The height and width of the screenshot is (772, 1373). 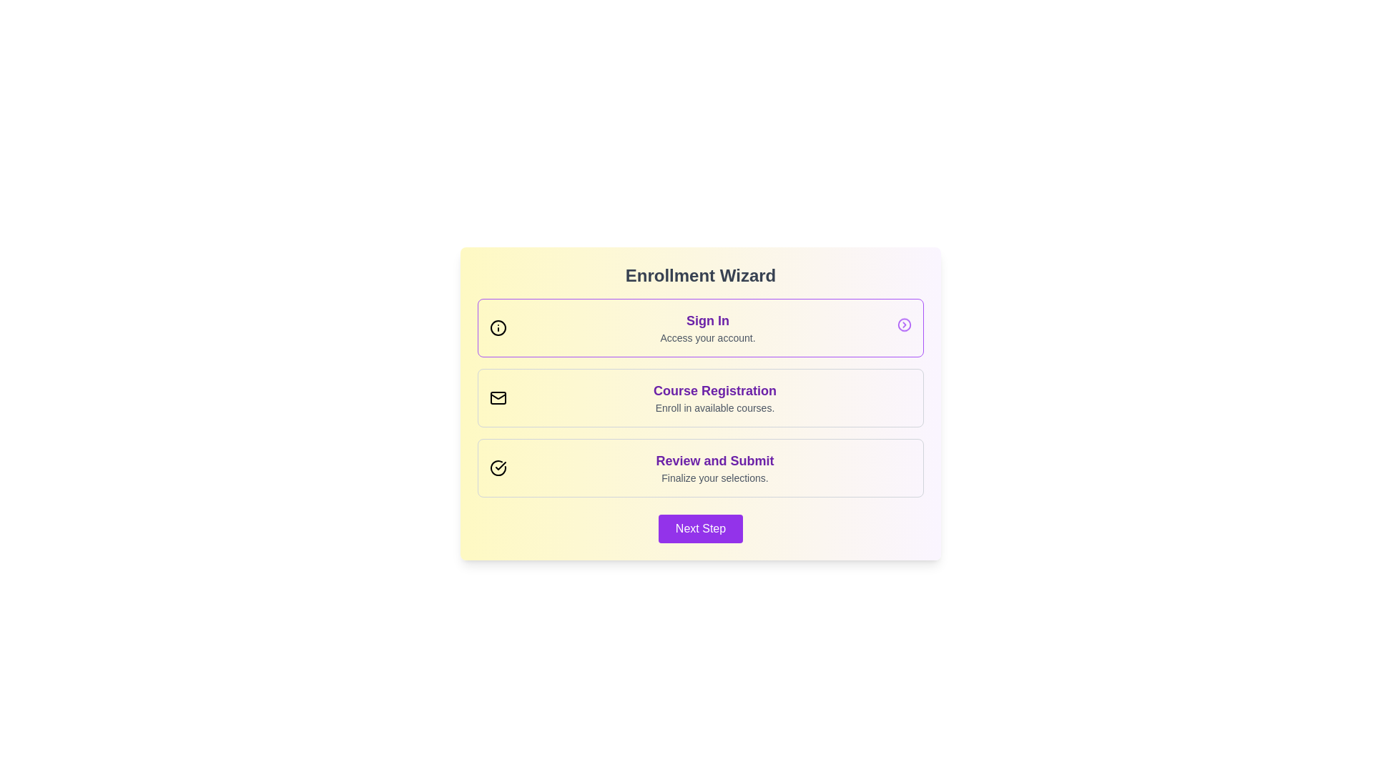 I want to click on the circular icon outlined in purple, located to the right of the 'Sign In' section text in the 'Enrollment Wizard' interface, so click(x=904, y=326).